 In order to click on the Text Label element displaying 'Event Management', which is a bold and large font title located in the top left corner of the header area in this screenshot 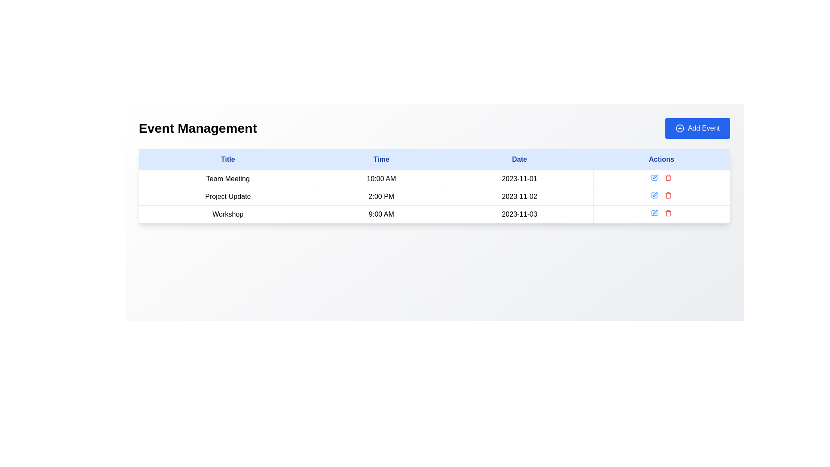, I will do `click(197, 128)`.